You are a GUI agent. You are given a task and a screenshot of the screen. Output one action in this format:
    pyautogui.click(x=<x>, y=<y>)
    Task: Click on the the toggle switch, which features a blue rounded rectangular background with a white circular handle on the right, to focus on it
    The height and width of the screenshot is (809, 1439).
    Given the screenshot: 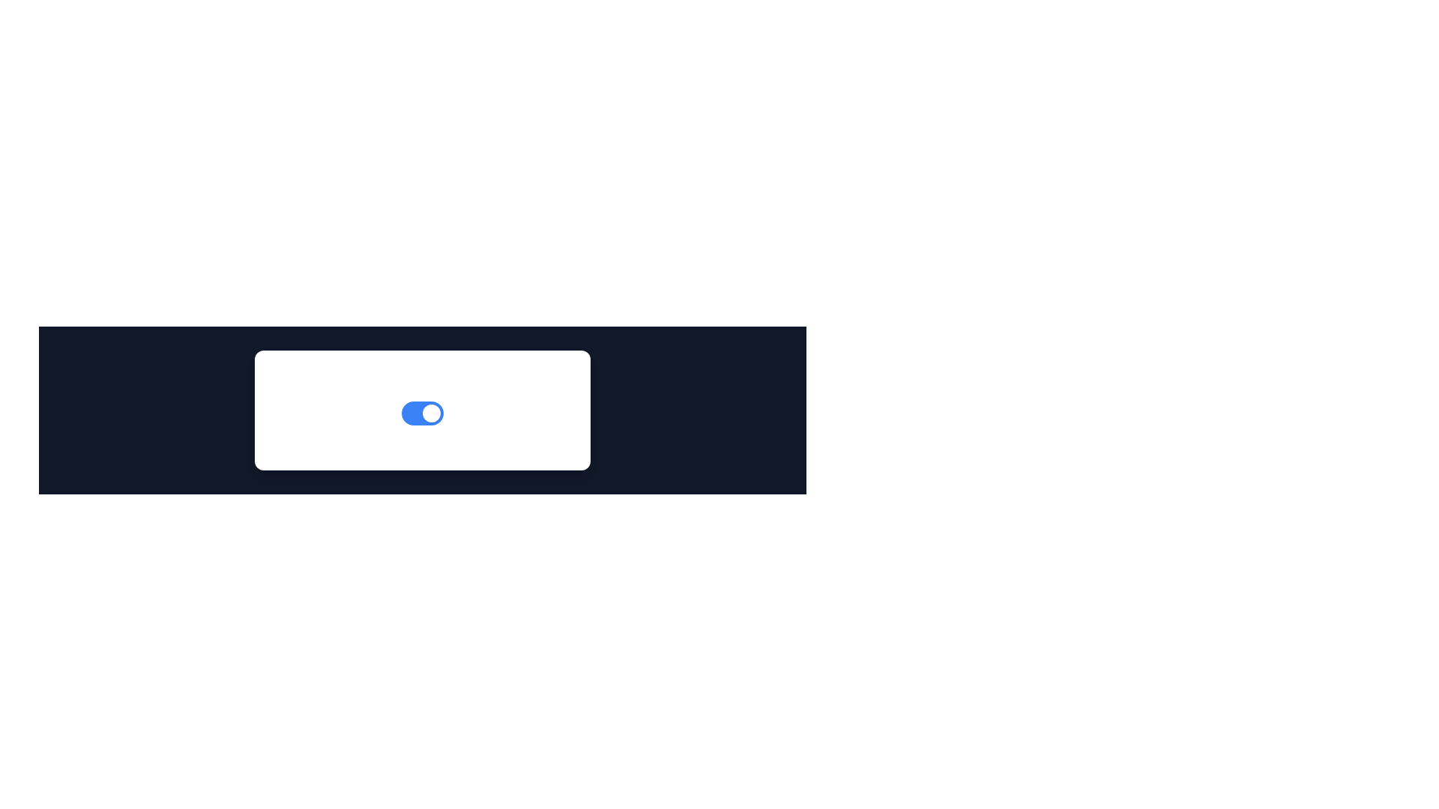 What is the action you would take?
    pyautogui.click(x=422, y=413)
    